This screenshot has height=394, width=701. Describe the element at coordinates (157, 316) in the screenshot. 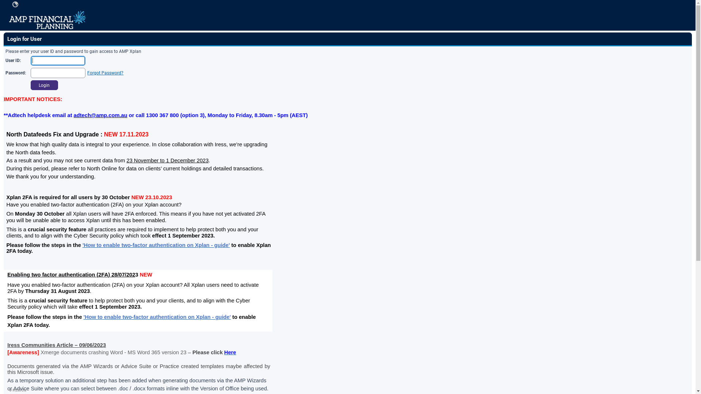

I see `''How to enable two-factor authentication on Xplan - guide''` at that location.